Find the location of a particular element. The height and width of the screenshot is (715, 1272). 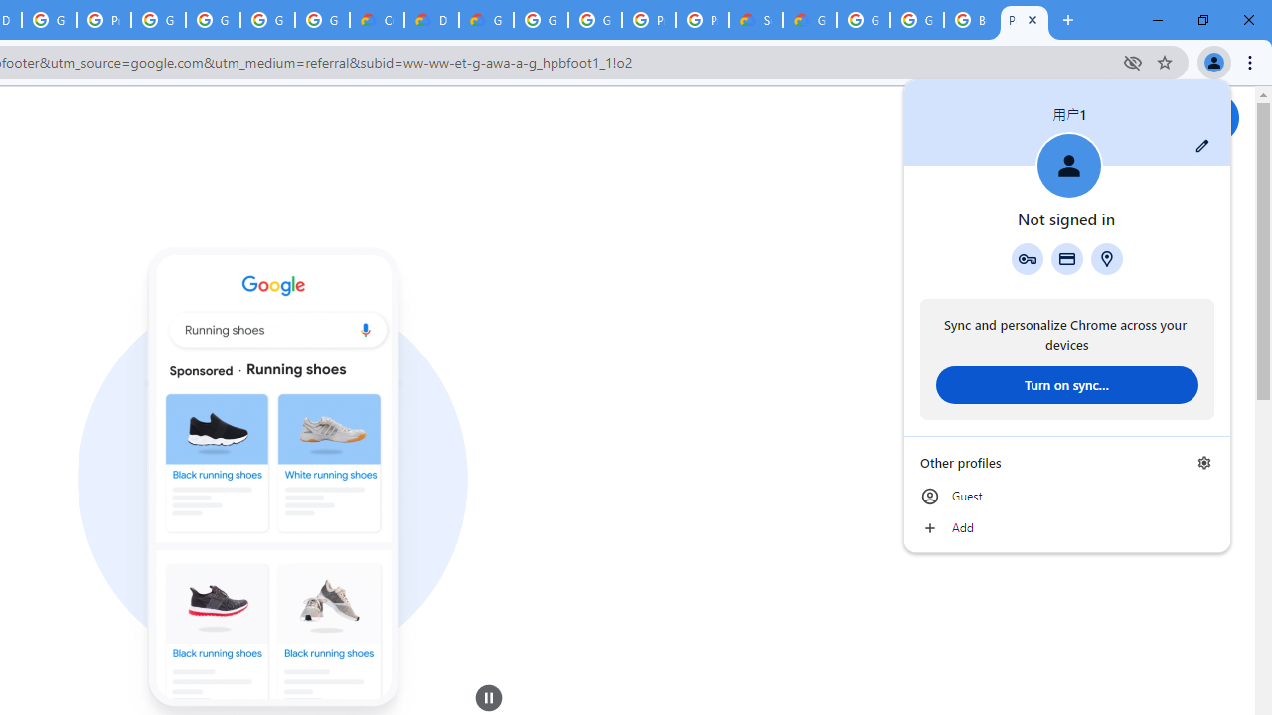

'Gemini for Business and Developers | Google Cloud' is located at coordinates (486, 20).